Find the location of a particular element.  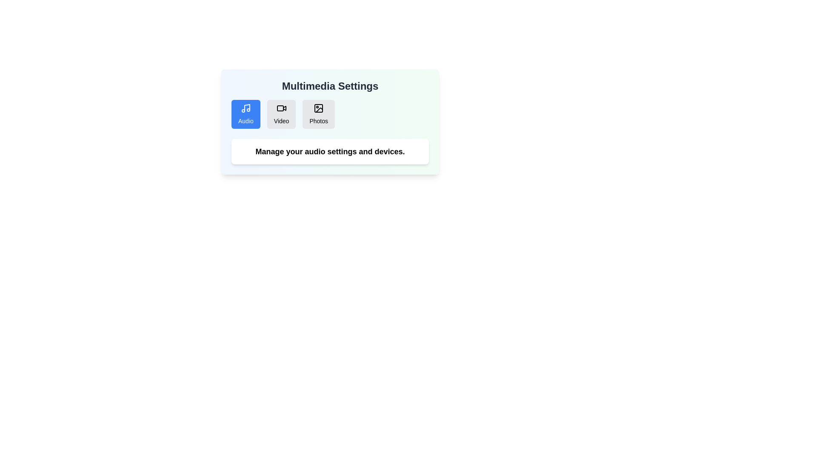

the video camera icon fragment located in the second button from the left in the row of three above the text 'Manage your audio settings and devices.' is located at coordinates (284, 108).